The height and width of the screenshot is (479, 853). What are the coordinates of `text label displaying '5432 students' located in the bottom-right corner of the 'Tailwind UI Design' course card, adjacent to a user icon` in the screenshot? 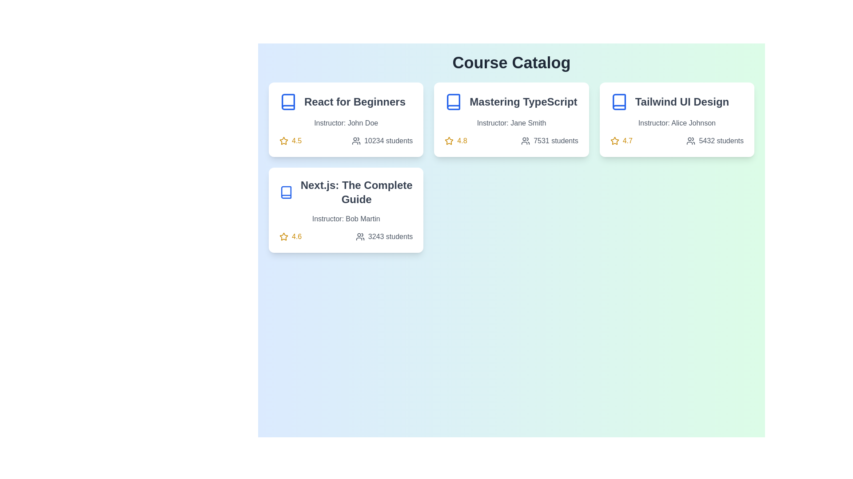 It's located at (721, 140).